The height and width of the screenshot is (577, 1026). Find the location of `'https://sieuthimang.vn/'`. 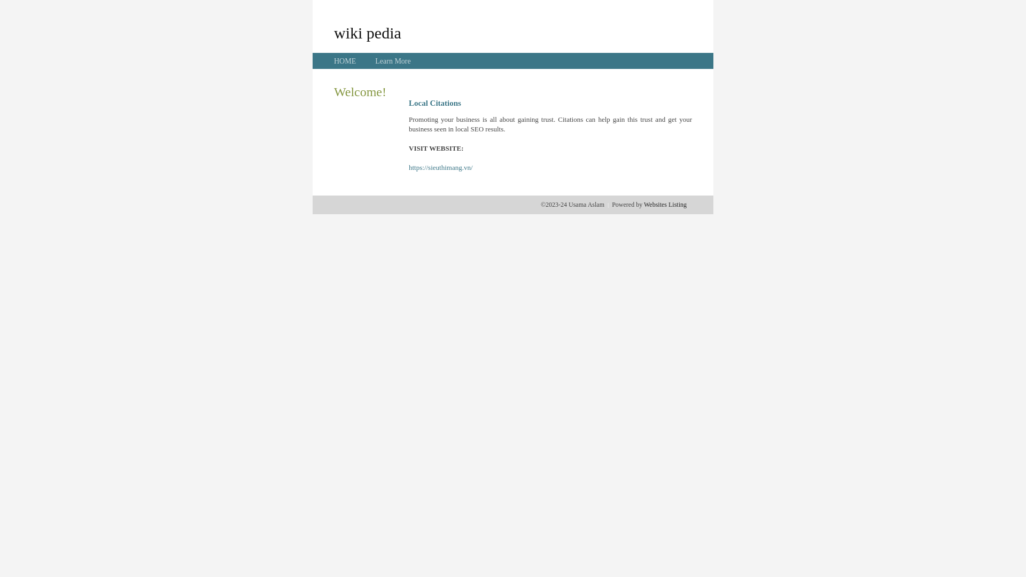

'https://sieuthimang.vn/' is located at coordinates (441, 167).